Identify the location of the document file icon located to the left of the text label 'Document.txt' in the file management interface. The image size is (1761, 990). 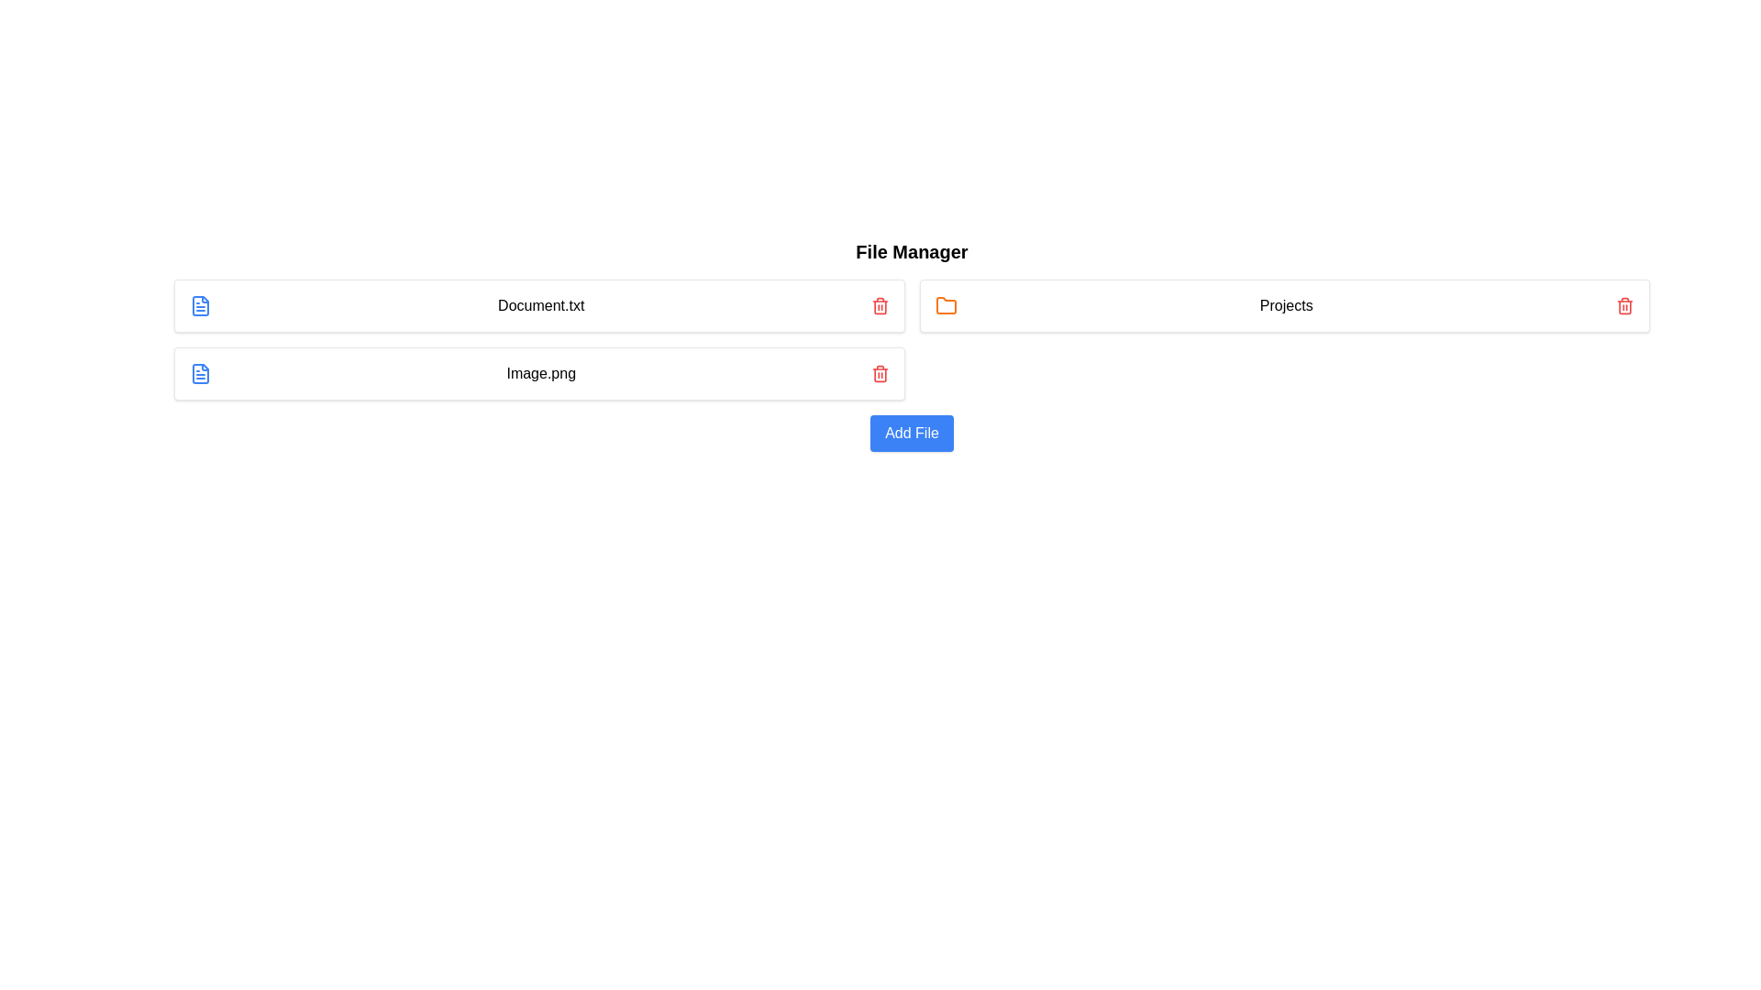
(201, 305).